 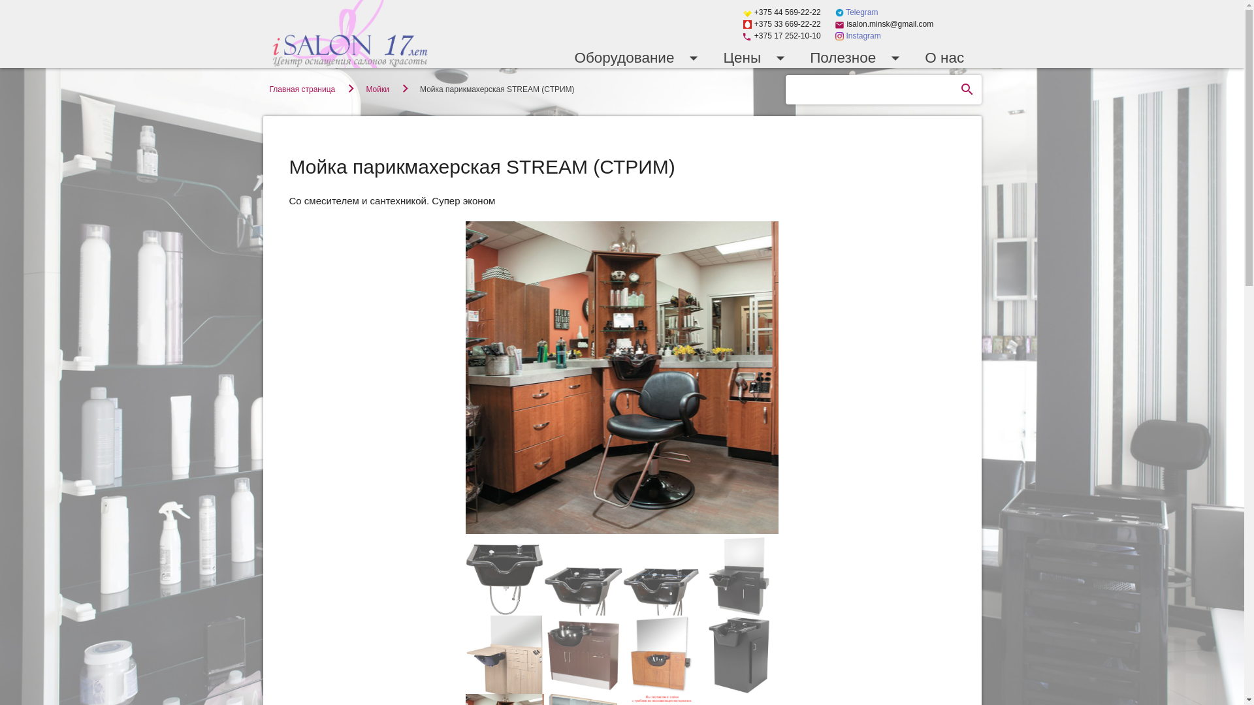 I want to click on 'iSalon', so click(x=349, y=33).